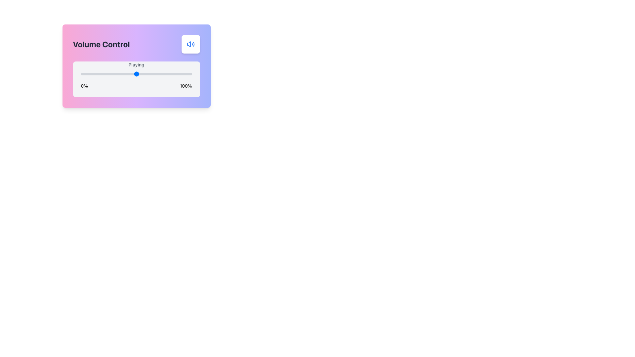 This screenshot has height=357, width=635. I want to click on the playback position, so click(151, 74).